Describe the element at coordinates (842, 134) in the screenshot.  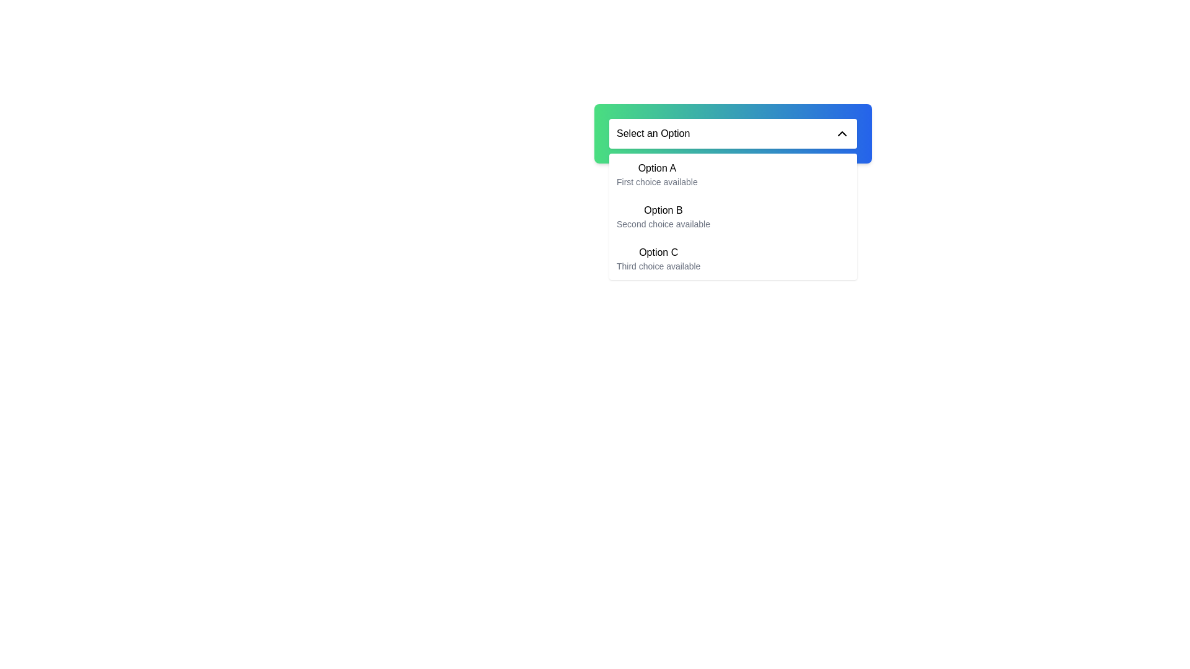
I see `the collapse icon located at the far right inside the 'Select an Option' dropdown menu` at that location.